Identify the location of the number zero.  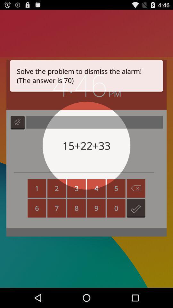
(116, 208).